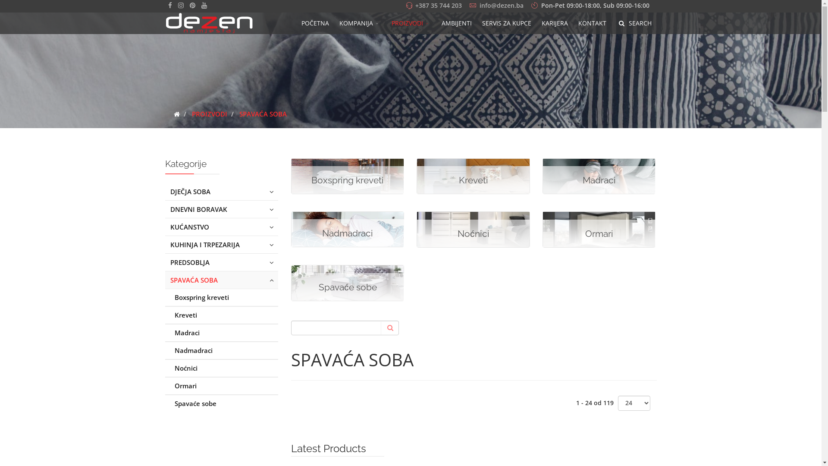 Image resolution: width=828 pixels, height=466 pixels. I want to click on 'PROIZVODI', so click(209, 113).